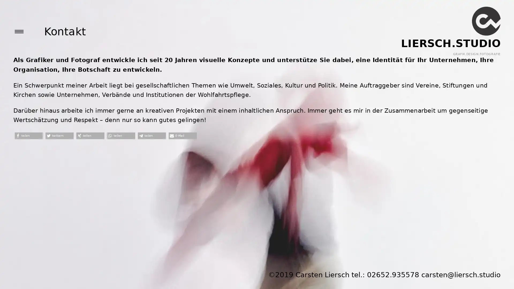 The image size is (514, 289). I want to click on Bei Twitter teilen, so click(59, 201).